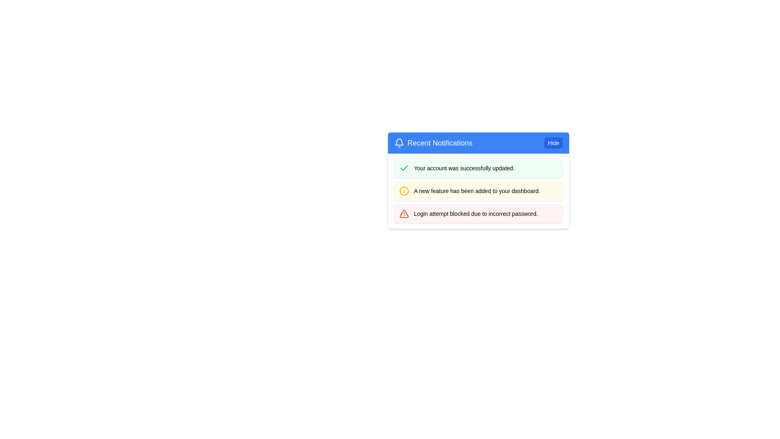 The width and height of the screenshot is (780, 439). Describe the element at coordinates (404, 191) in the screenshot. I see `the circular graphical element with a yellow fill and borders, which is part of an information graphic icon located in the middle of the second notification item` at that location.